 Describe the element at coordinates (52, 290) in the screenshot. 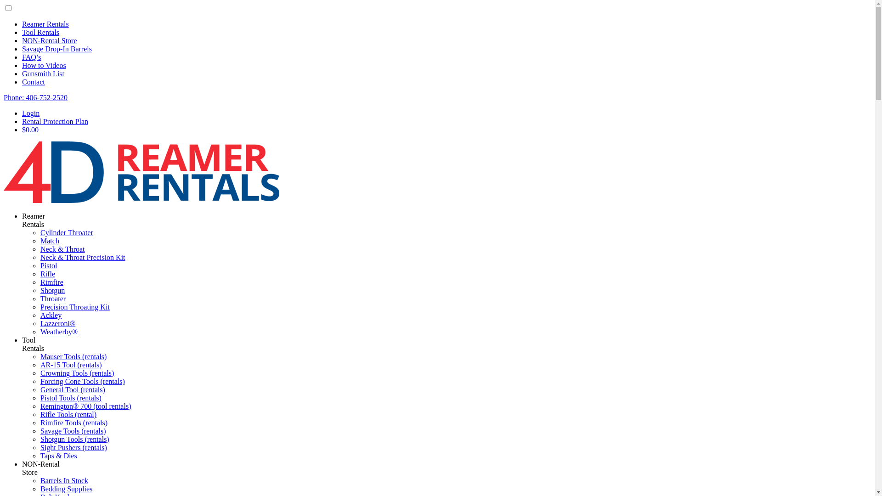

I see `'Shotgun'` at that location.